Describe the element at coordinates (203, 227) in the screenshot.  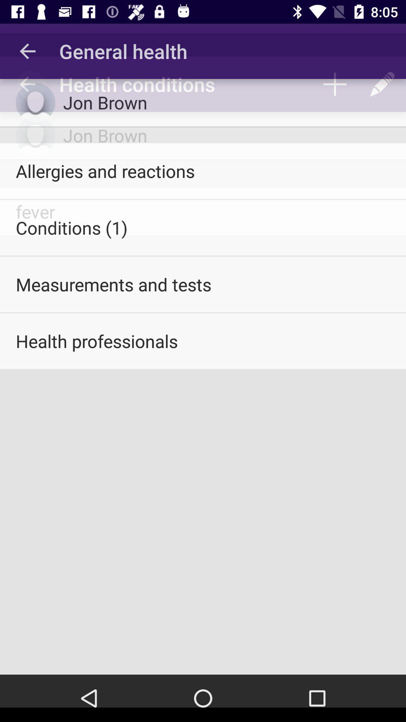
I see `the item below the allergies and reactions  icon` at that location.